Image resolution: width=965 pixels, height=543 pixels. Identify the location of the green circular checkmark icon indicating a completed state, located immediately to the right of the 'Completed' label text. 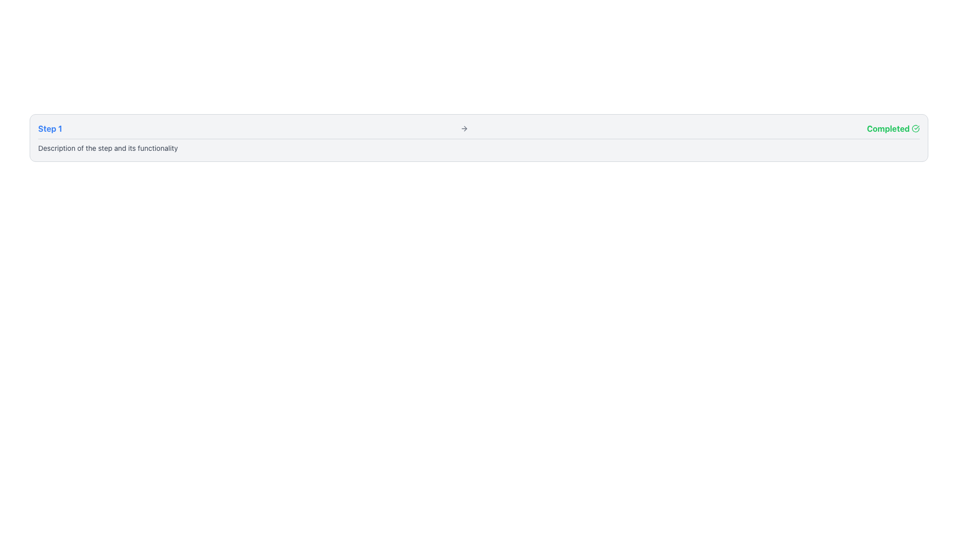
(915, 128).